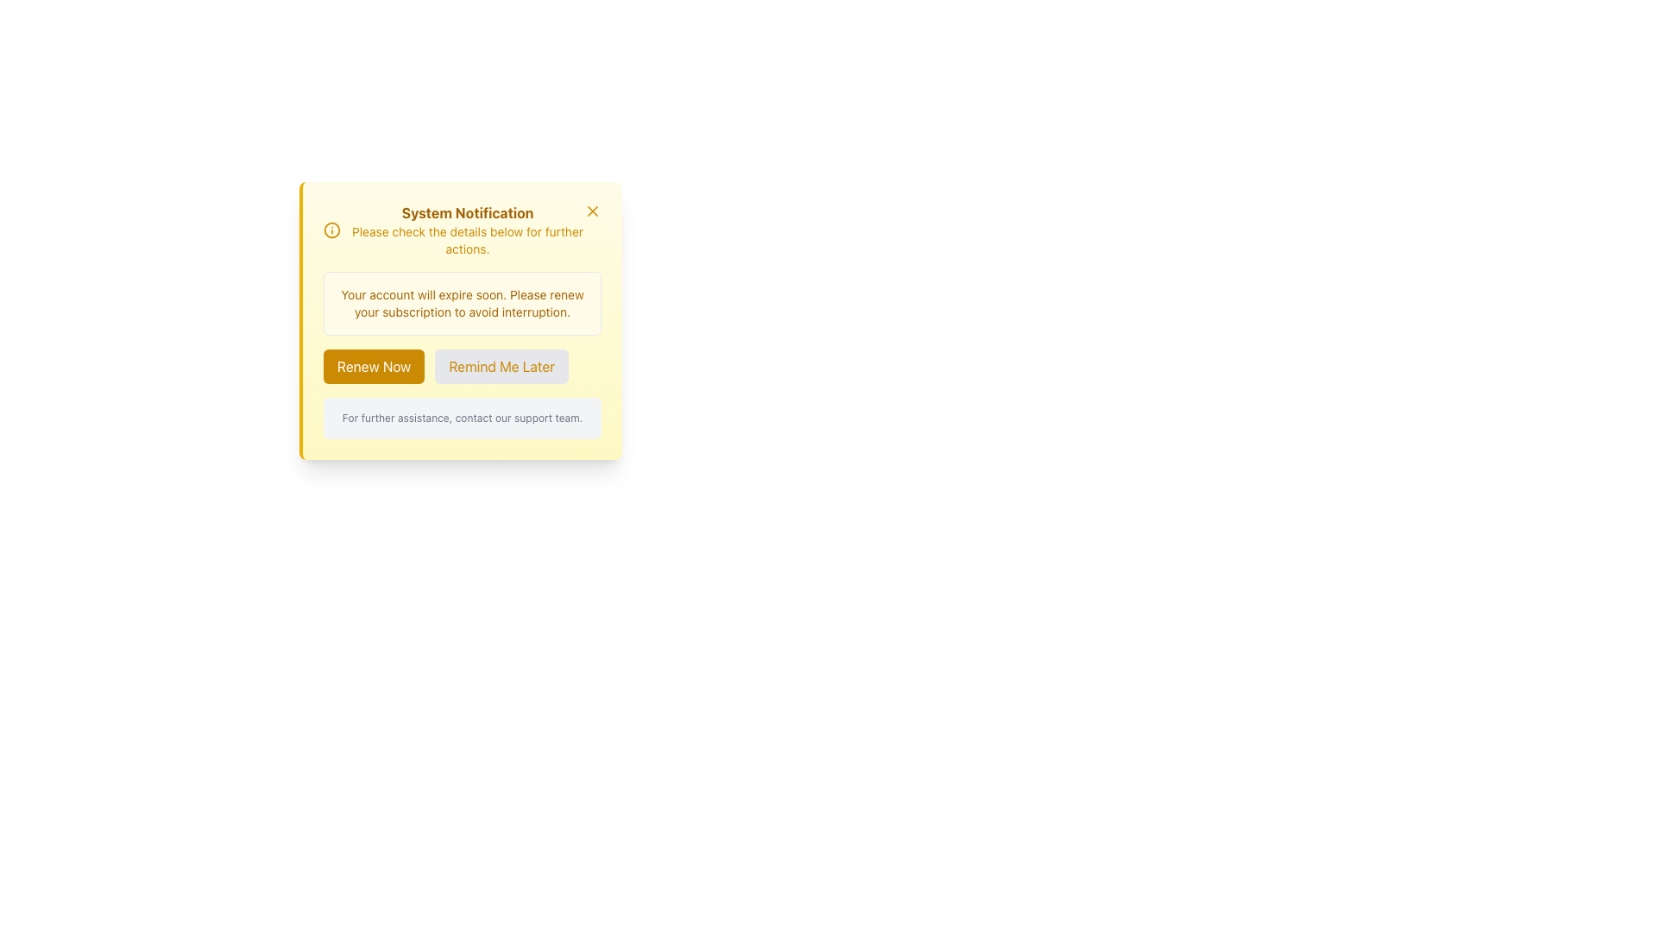 The width and height of the screenshot is (1657, 932). Describe the element at coordinates (501, 365) in the screenshot. I see `the 'Remind Me Later' button, which has a light gray background and yellow text` at that location.